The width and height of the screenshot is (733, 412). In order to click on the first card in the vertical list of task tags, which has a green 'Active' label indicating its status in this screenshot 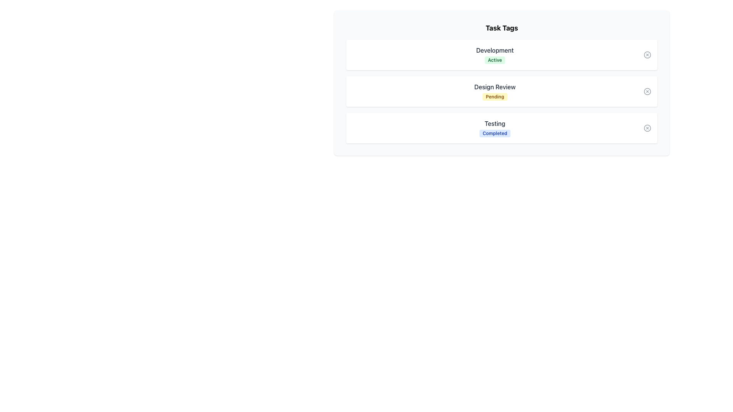, I will do `click(502, 54)`.